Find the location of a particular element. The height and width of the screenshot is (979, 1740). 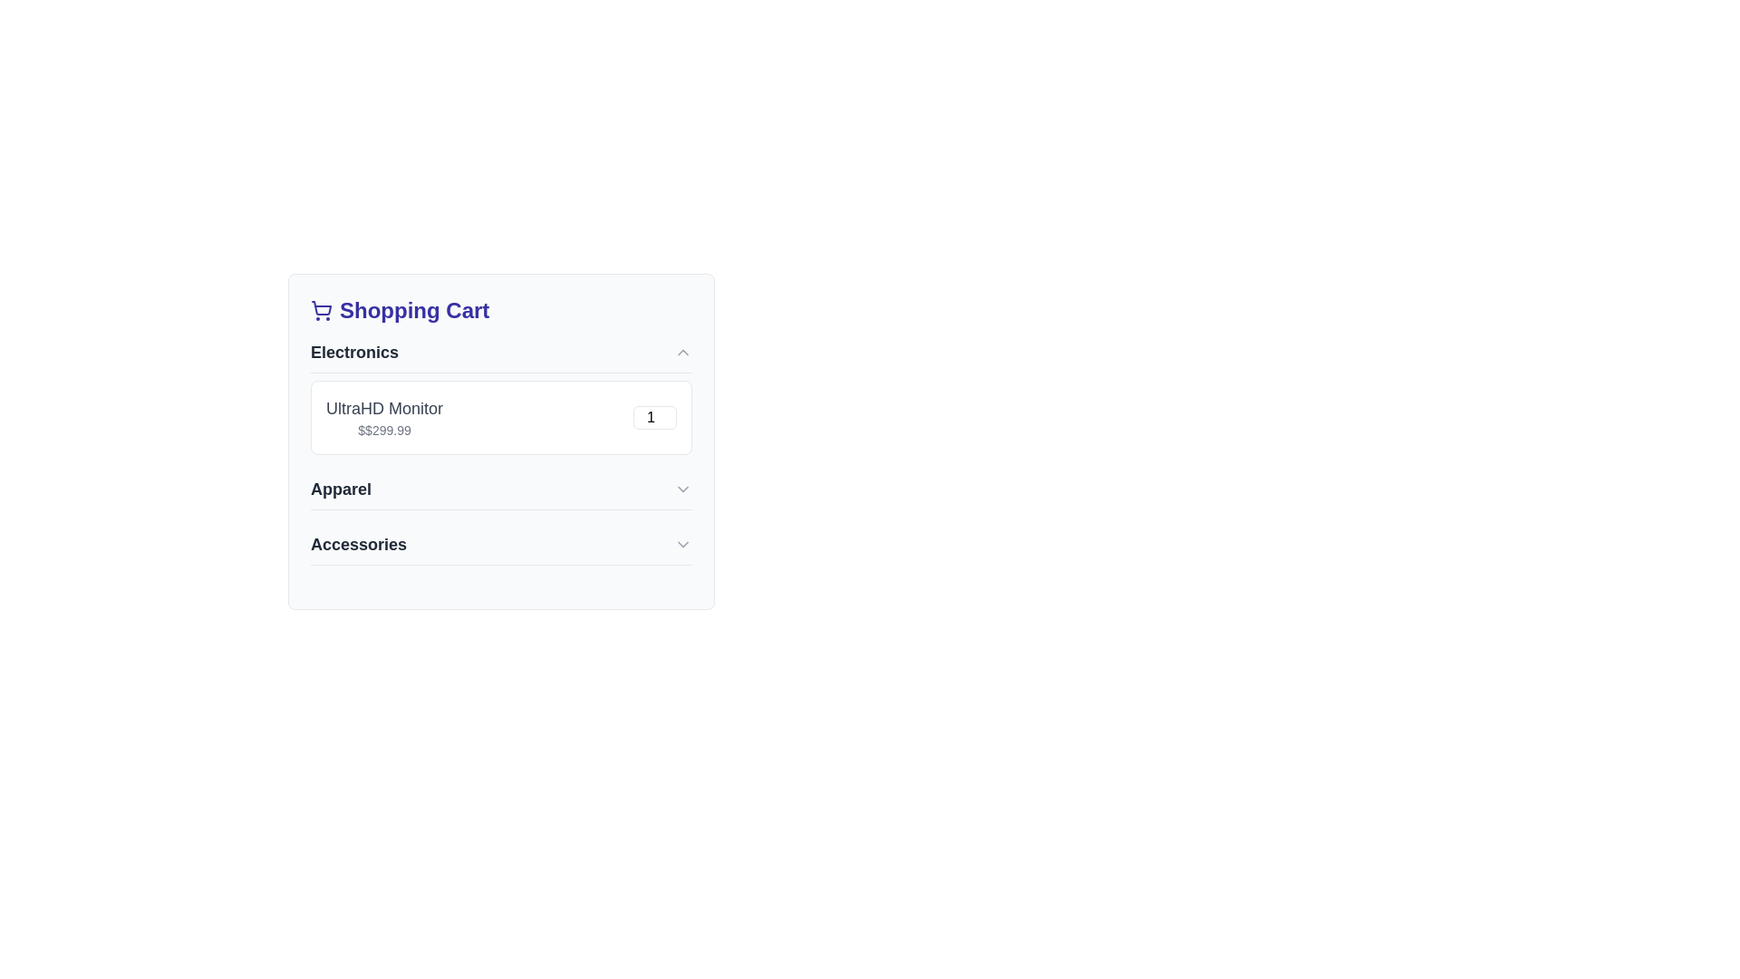

price information displayed in the small gray font text label showing '$$299.99', which is located below the 'UltraHD Monitor' text within the shopping cart interface is located at coordinates (383, 430).